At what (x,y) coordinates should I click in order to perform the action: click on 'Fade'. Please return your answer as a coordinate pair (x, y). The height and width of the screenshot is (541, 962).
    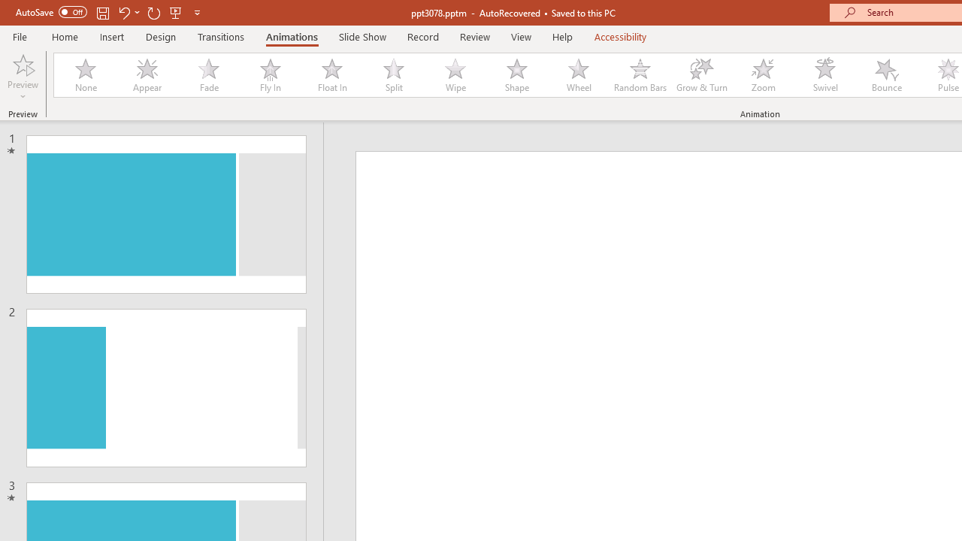
    Looking at the image, I should click on (207, 75).